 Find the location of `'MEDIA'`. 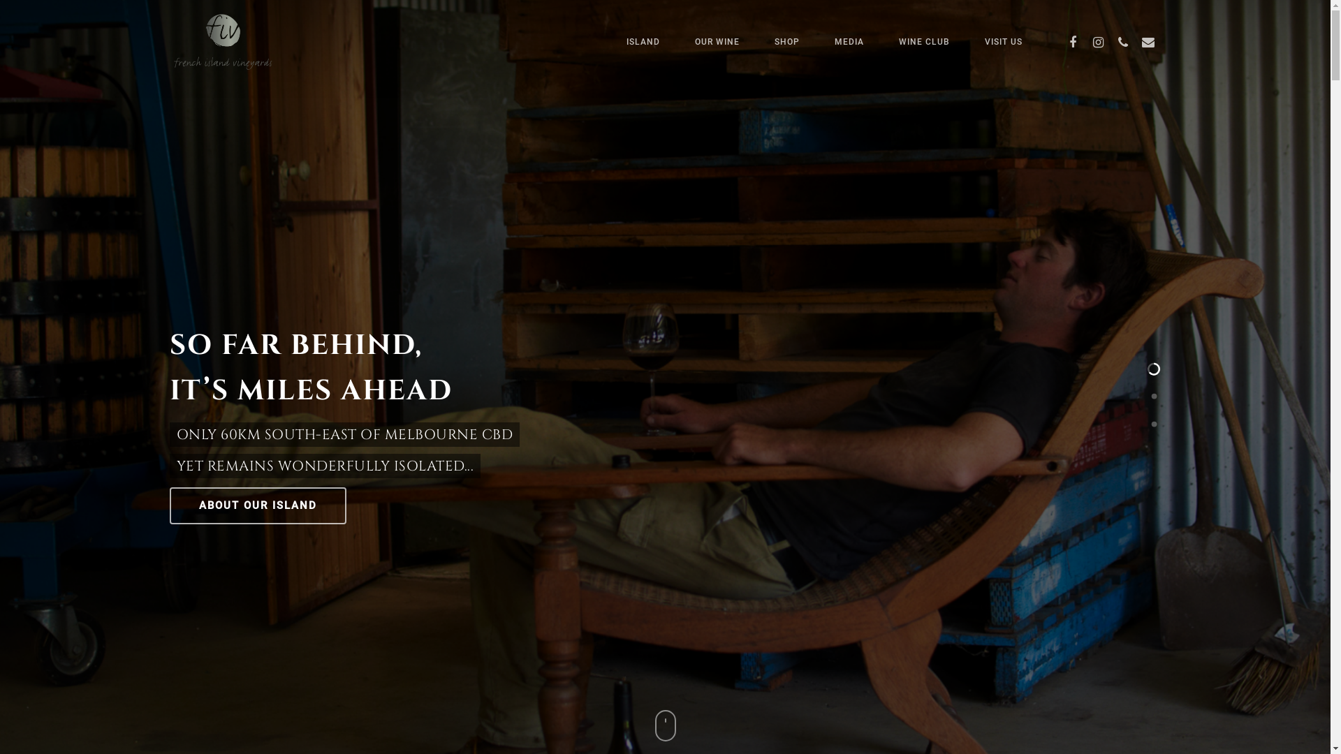

'MEDIA' is located at coordinates (848, 41).